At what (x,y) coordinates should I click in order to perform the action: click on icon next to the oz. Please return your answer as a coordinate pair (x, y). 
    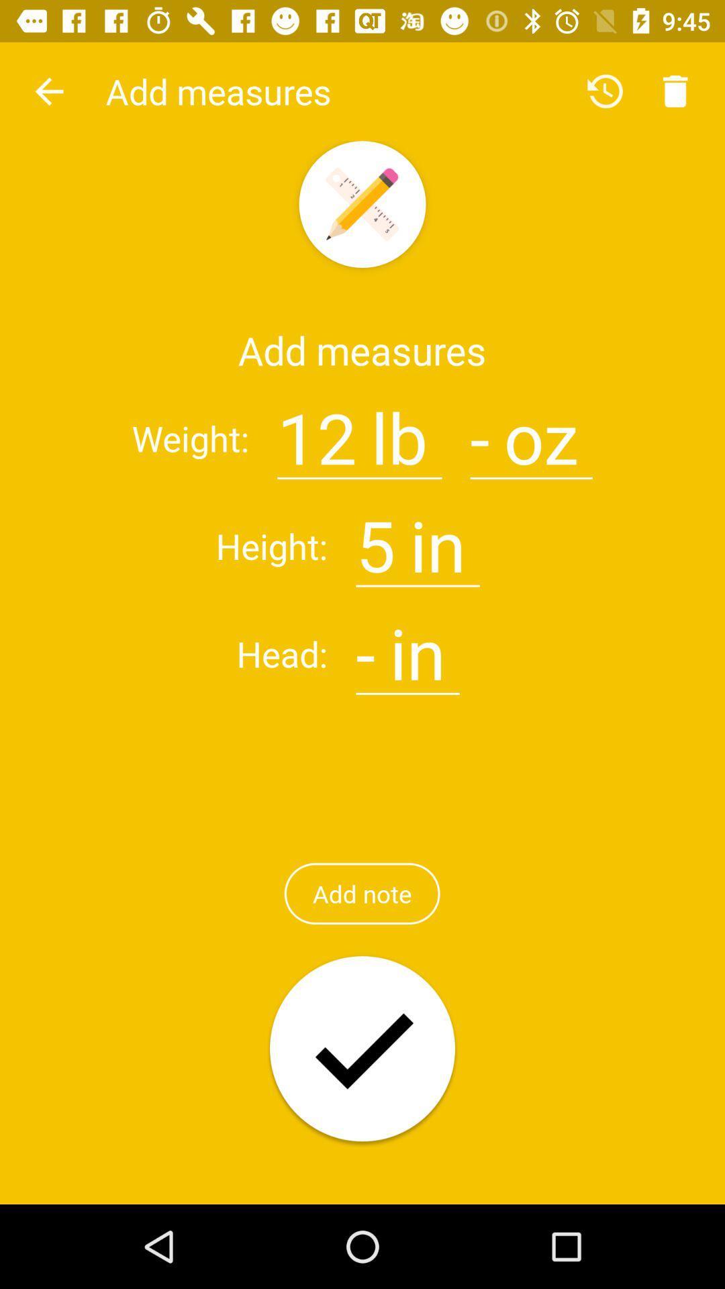
    Looking at the image, I should click on (479, 430).